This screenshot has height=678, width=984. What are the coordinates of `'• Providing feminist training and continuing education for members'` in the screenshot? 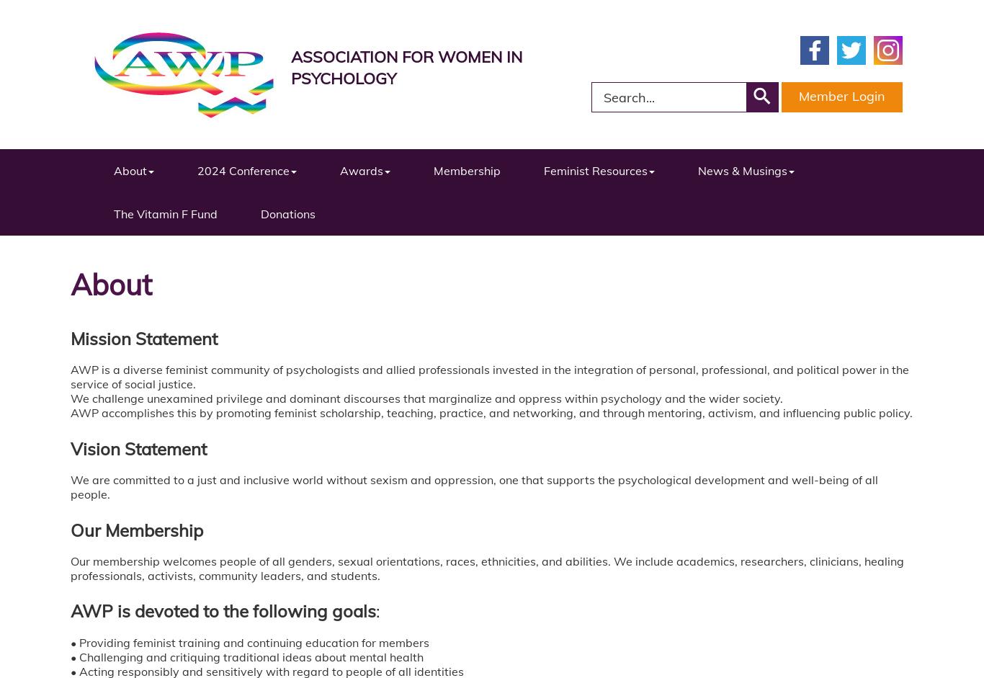 It's located at (70, 642).